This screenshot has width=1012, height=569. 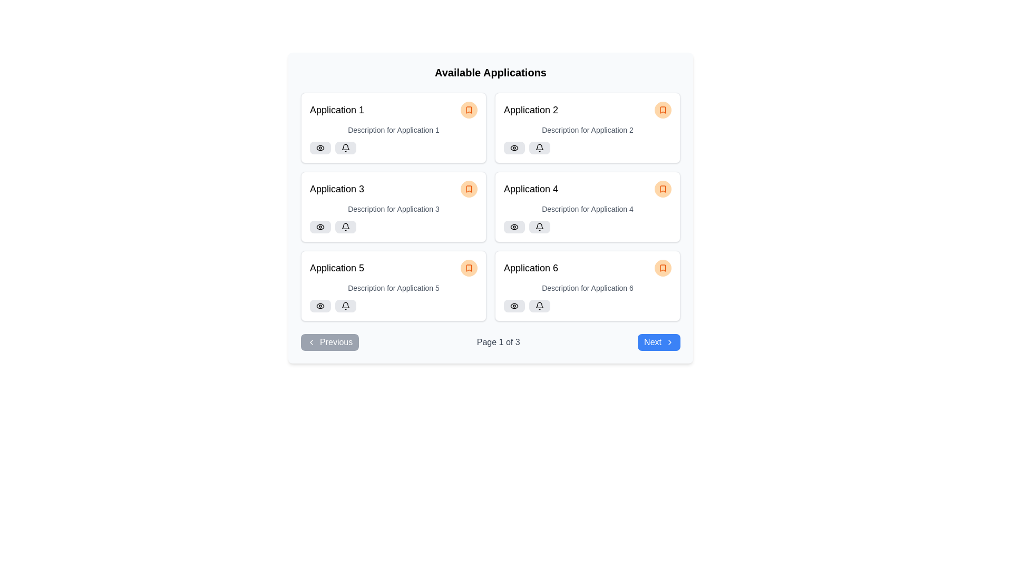 What do you see at coordinates (662, 110) in the screenshot?
I see `the orange bookmark icon located within the circular button in the top right corner of the 'Application 2' card` at bounding box center [662, 110].